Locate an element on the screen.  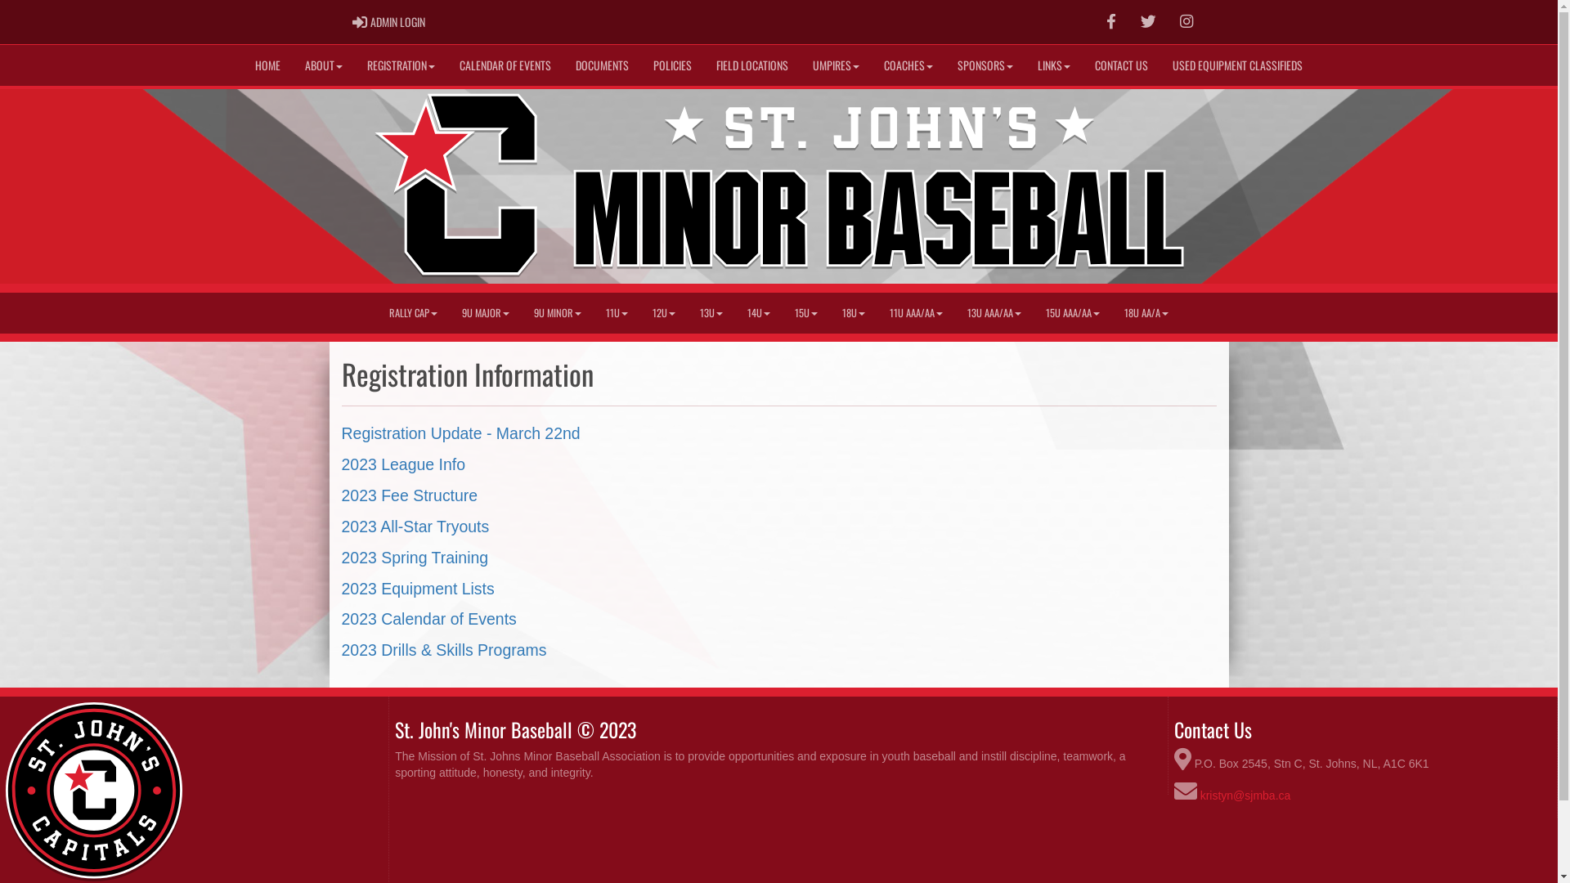
'13U' is located at coordinates (711, 312).